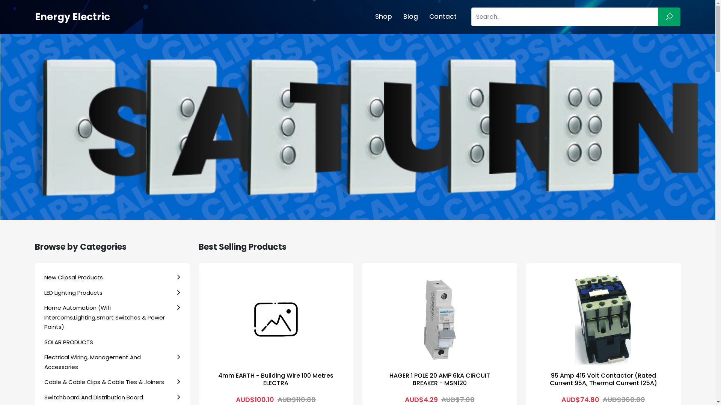 This screenshot has width=721, height=405. Describe the element at coordinates (112, 292) in the screenshot. I see `'LED Lighting Products'` at that location.